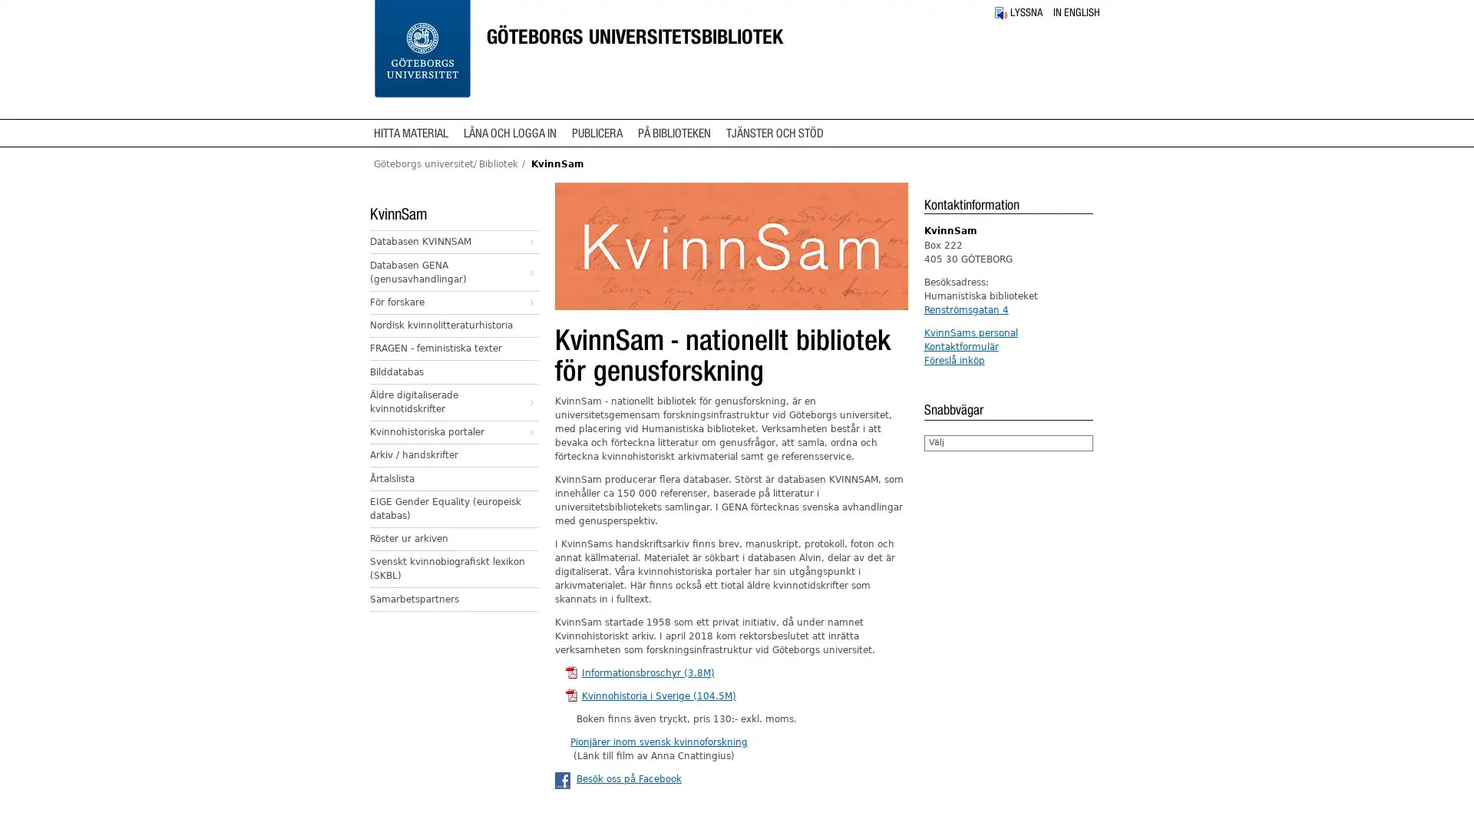 This screenshot has height=829, width=1474. What do you see at coordinates (1018, 12) in the screenshot?
I see `LYSSNA` at bounding box center [1018, 12].